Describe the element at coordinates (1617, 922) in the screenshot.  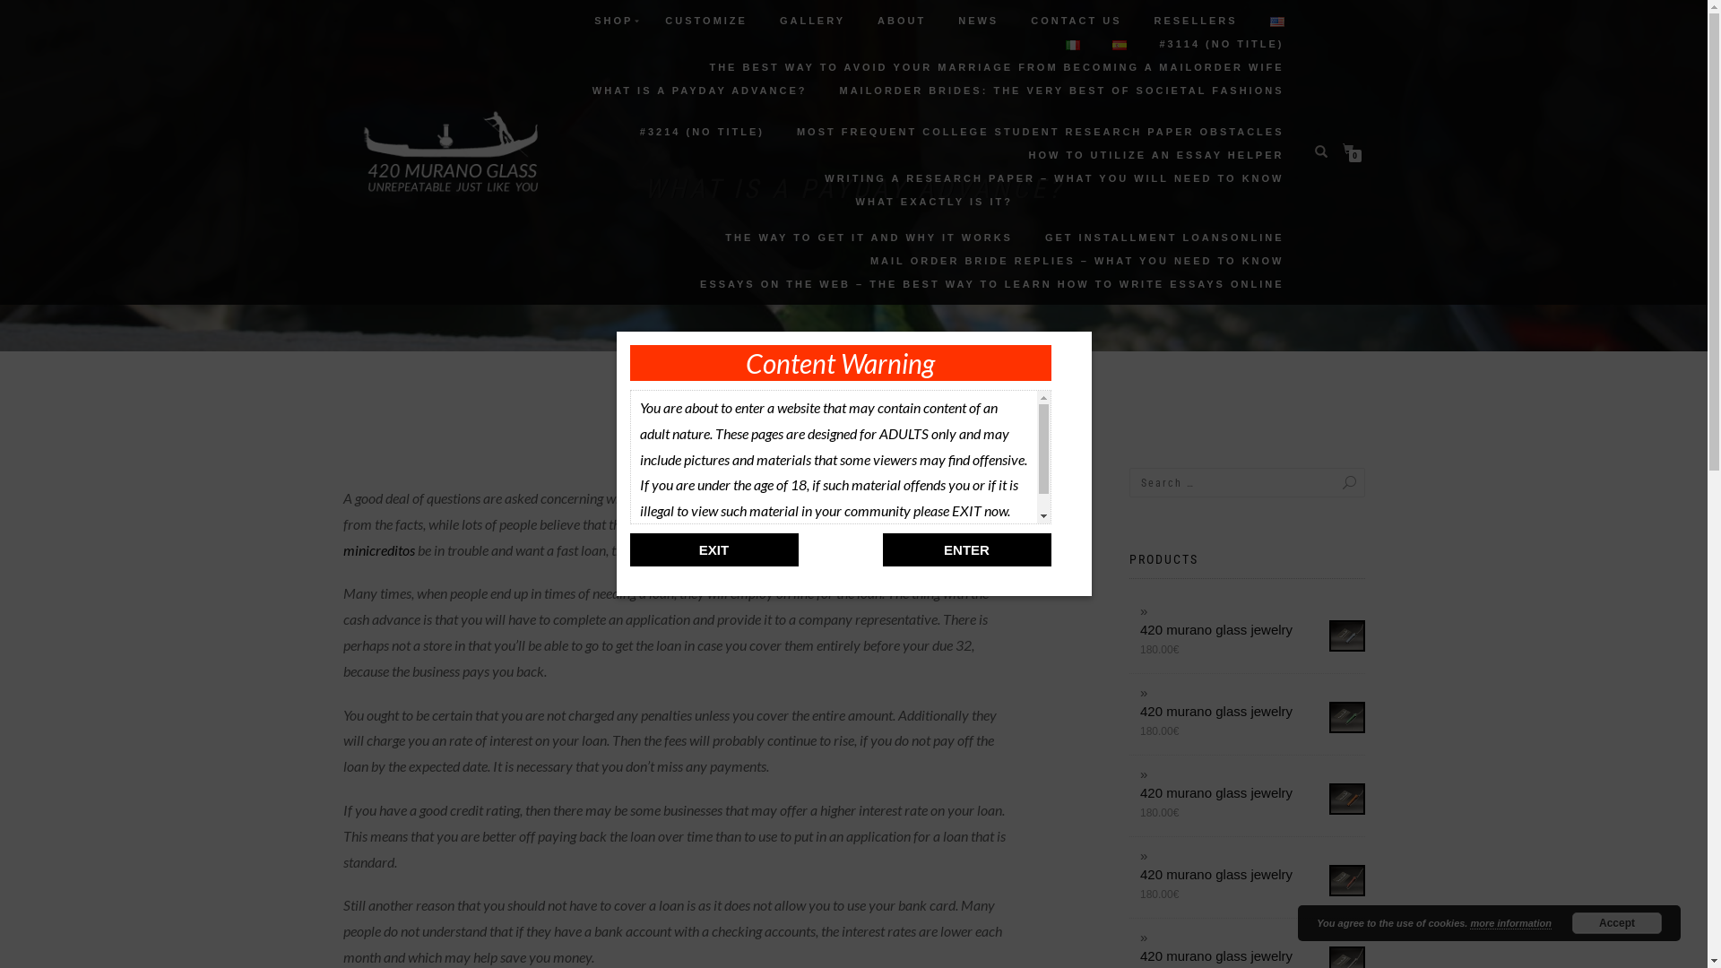
I see `'Accept'` at that location.